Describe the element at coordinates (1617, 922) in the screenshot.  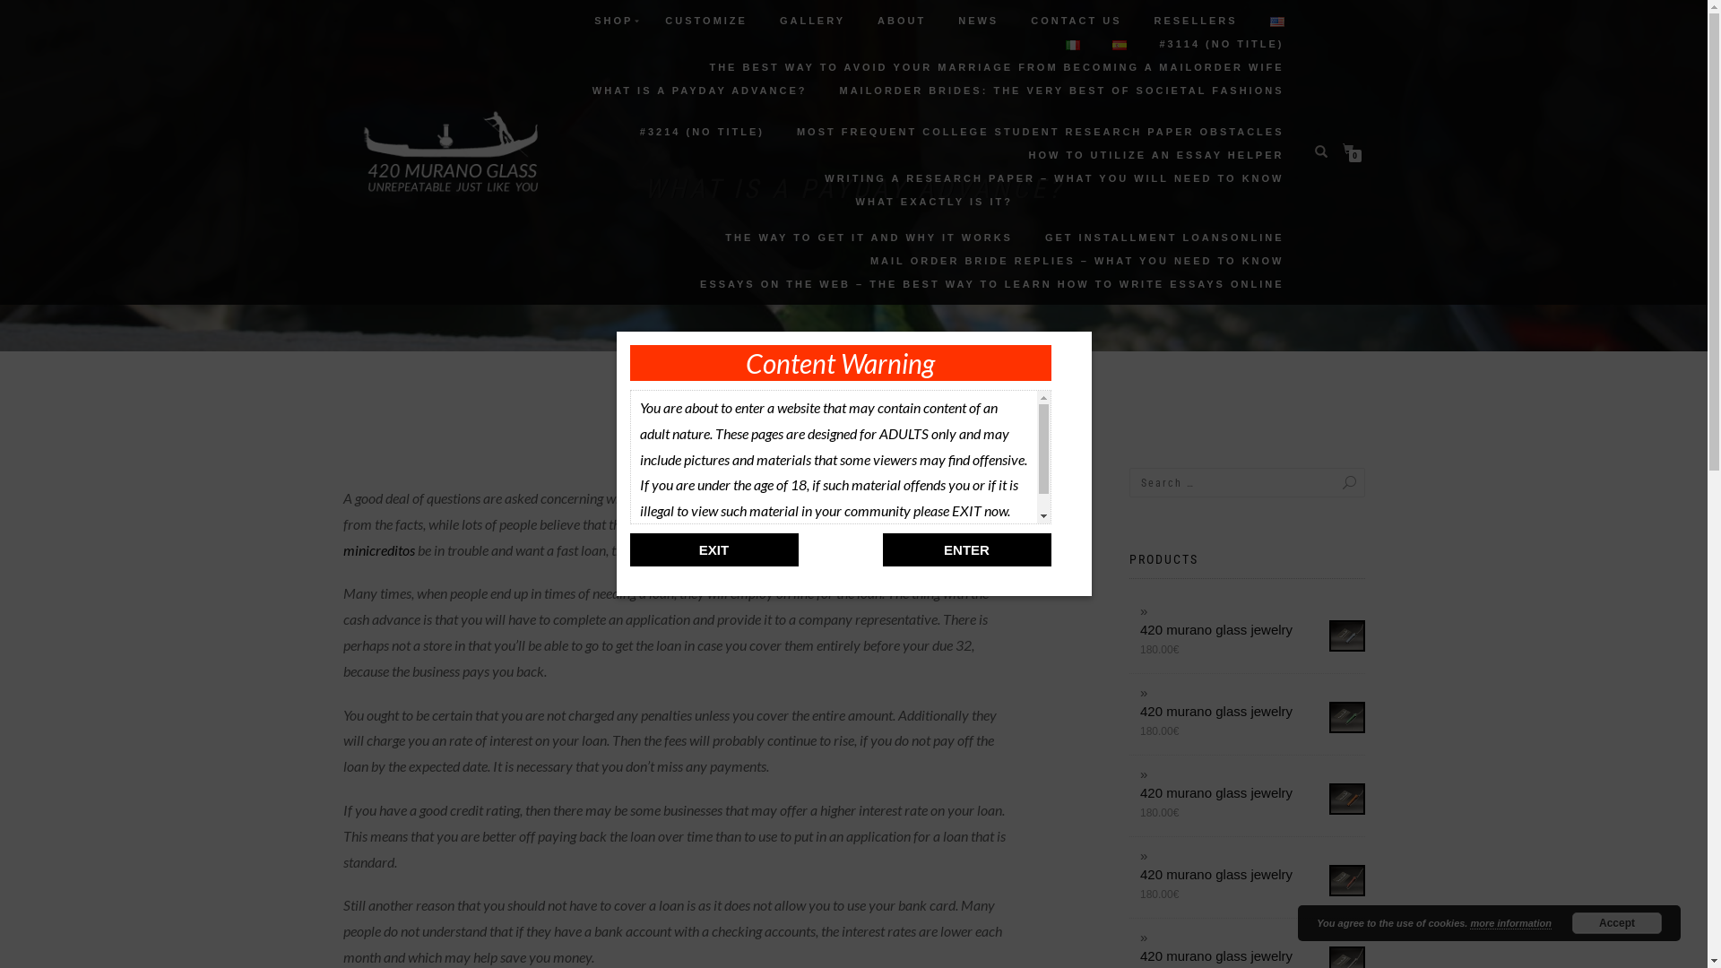
I see `'Accept'` at that location.